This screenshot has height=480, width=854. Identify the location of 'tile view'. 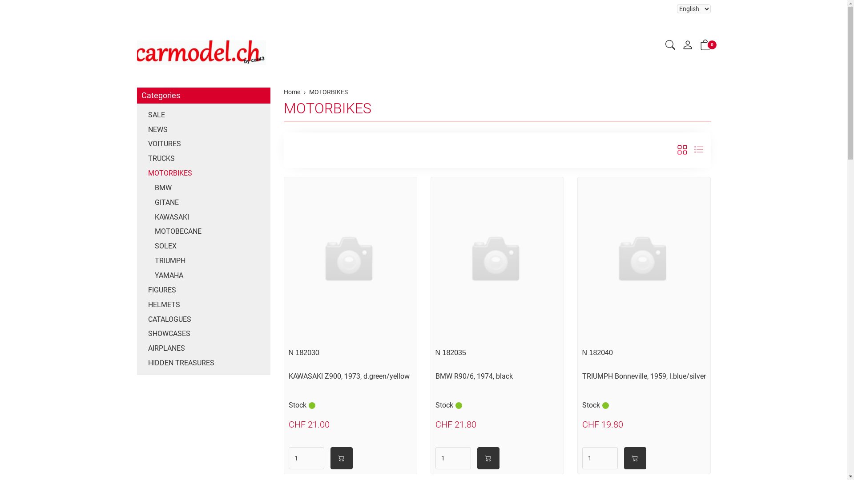
(682, 150).